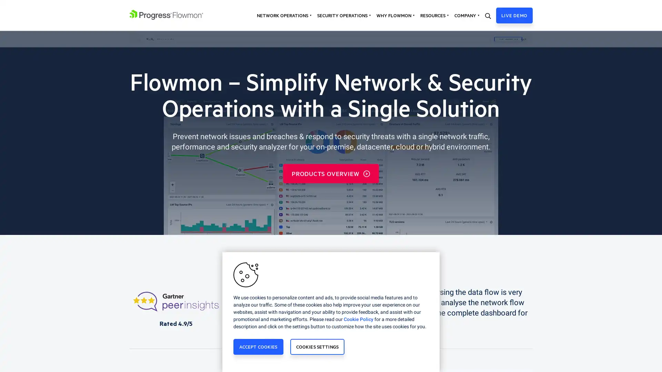 Image resolution: width=662 pixels, height=372 pixels. Describe the element at coordinates (317, 347) in the screenshot. I see `COOKIES SETTINGS` at that location.